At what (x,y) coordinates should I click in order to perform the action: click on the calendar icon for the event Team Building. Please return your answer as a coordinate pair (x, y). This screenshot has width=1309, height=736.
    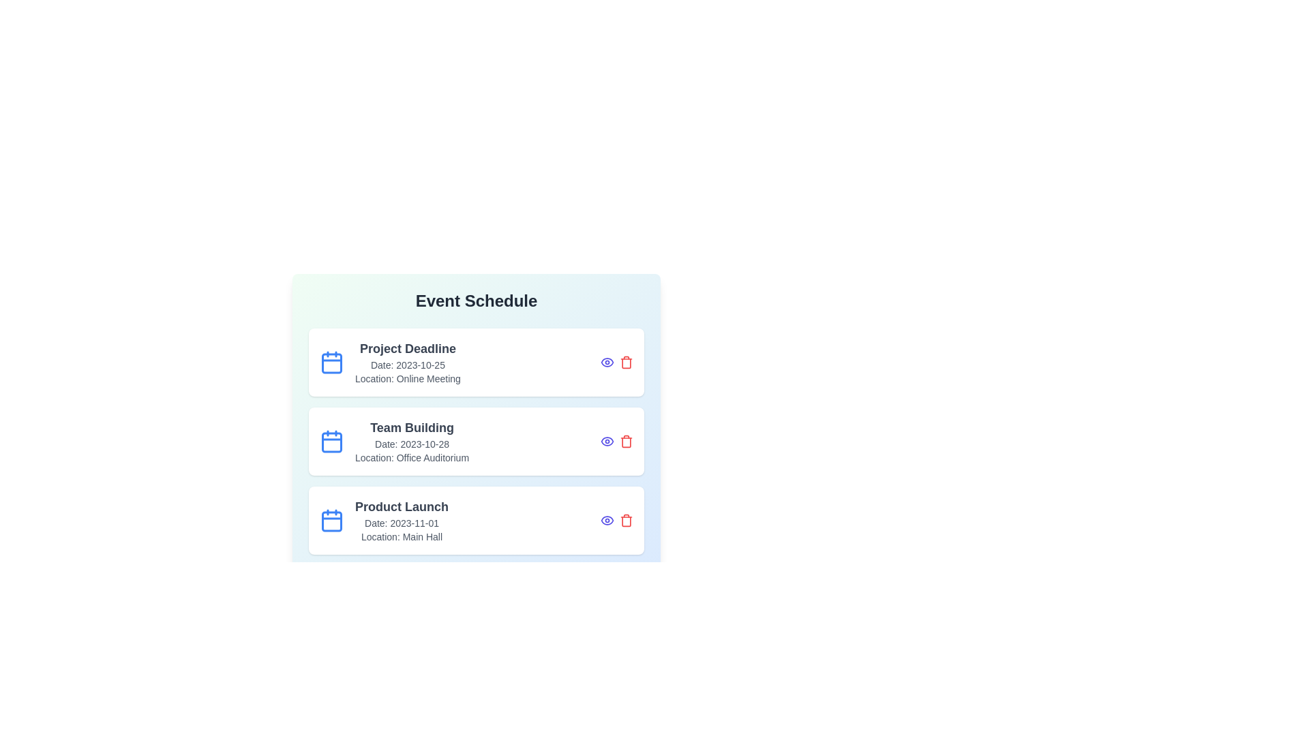
    Looking at the image, I should click on (331, 442).